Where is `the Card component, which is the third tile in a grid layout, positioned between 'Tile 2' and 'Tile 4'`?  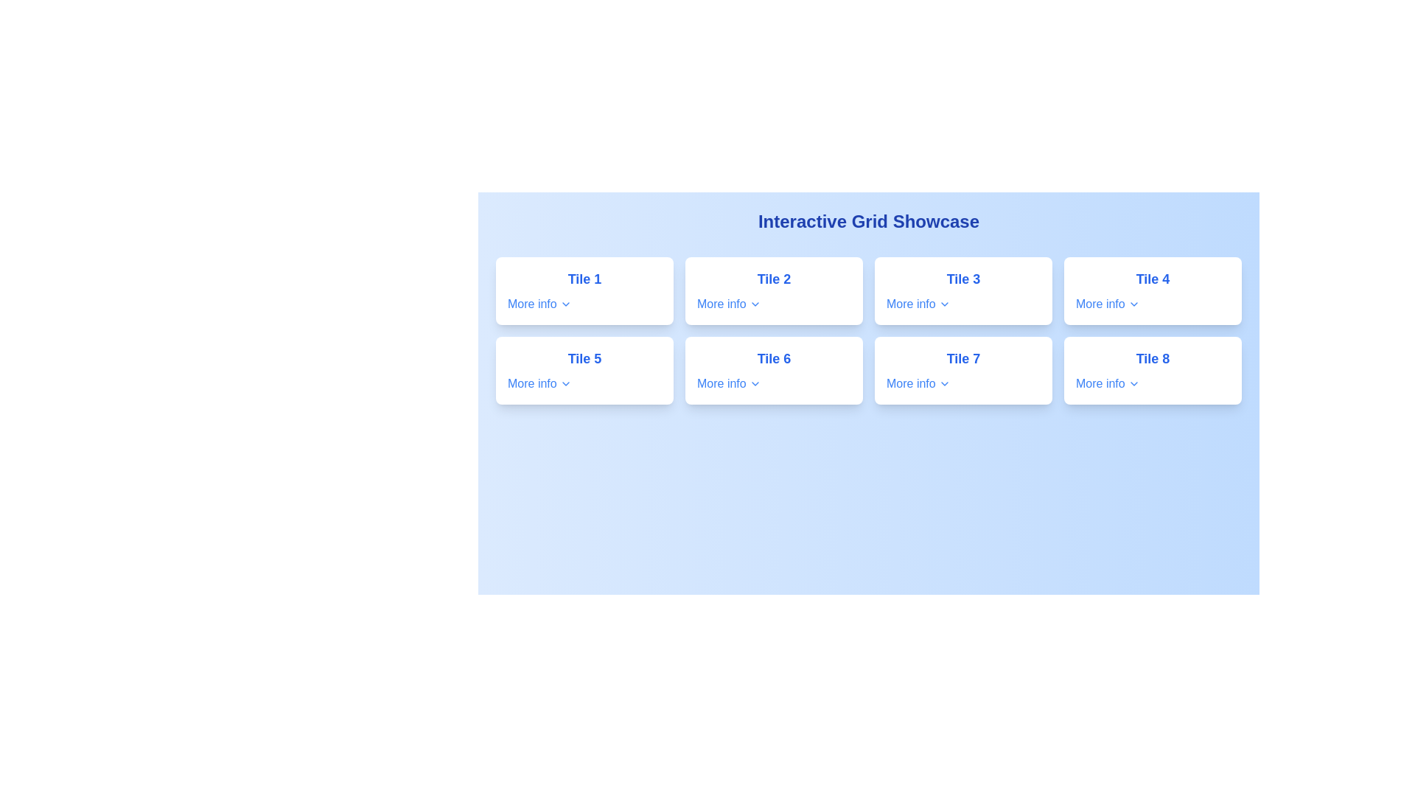 the Card component, which is the third tile in a grid layout, positioned between 'Tile 2' and 'Tile 4' is located at coordinates (963, 290).